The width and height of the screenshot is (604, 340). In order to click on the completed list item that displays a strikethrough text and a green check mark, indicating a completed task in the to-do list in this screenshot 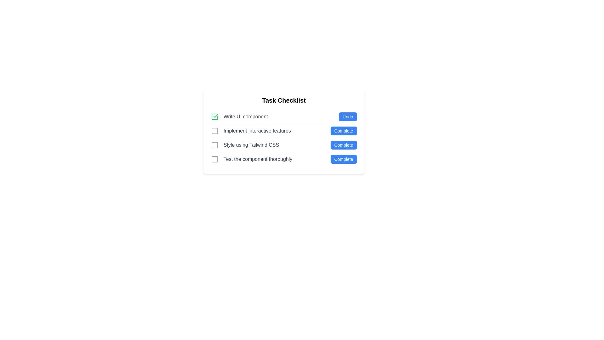, I will do `click(239, 116)`.